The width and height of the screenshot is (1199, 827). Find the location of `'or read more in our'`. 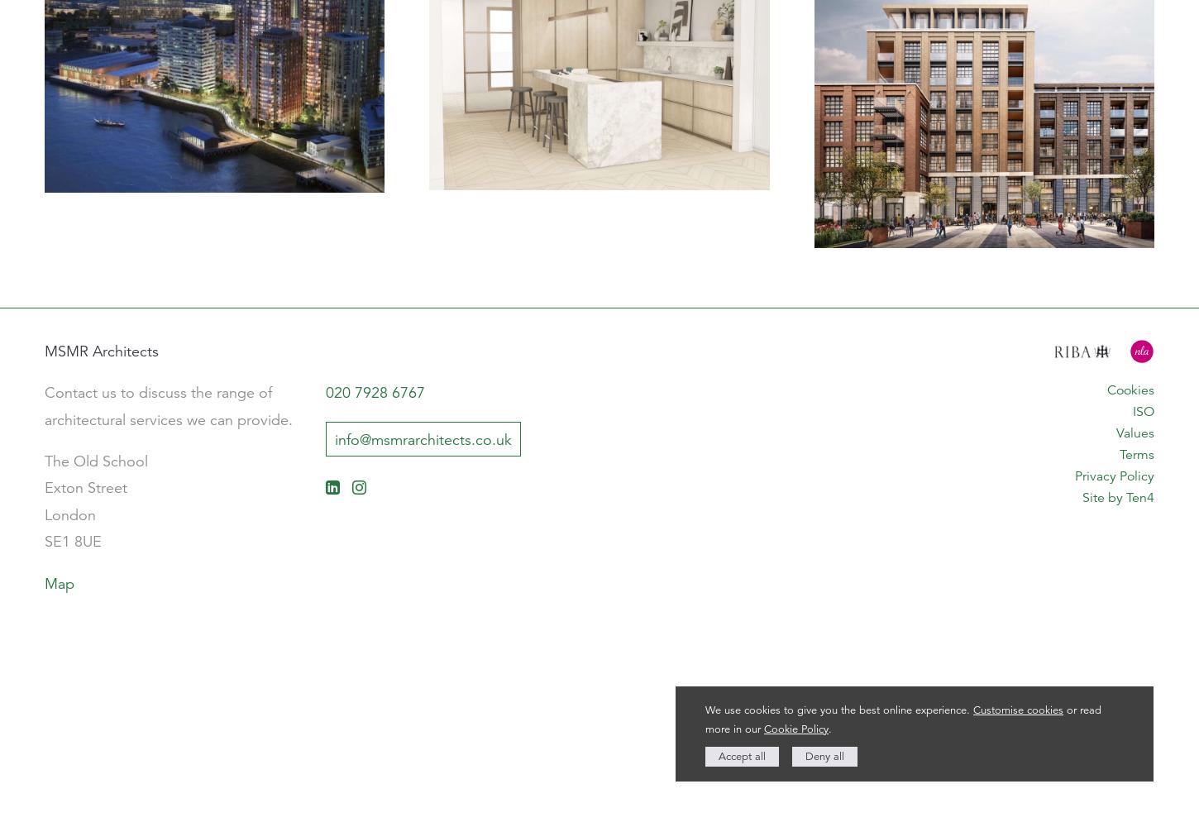

'or read more in our' is located at coordinates (705, 719).